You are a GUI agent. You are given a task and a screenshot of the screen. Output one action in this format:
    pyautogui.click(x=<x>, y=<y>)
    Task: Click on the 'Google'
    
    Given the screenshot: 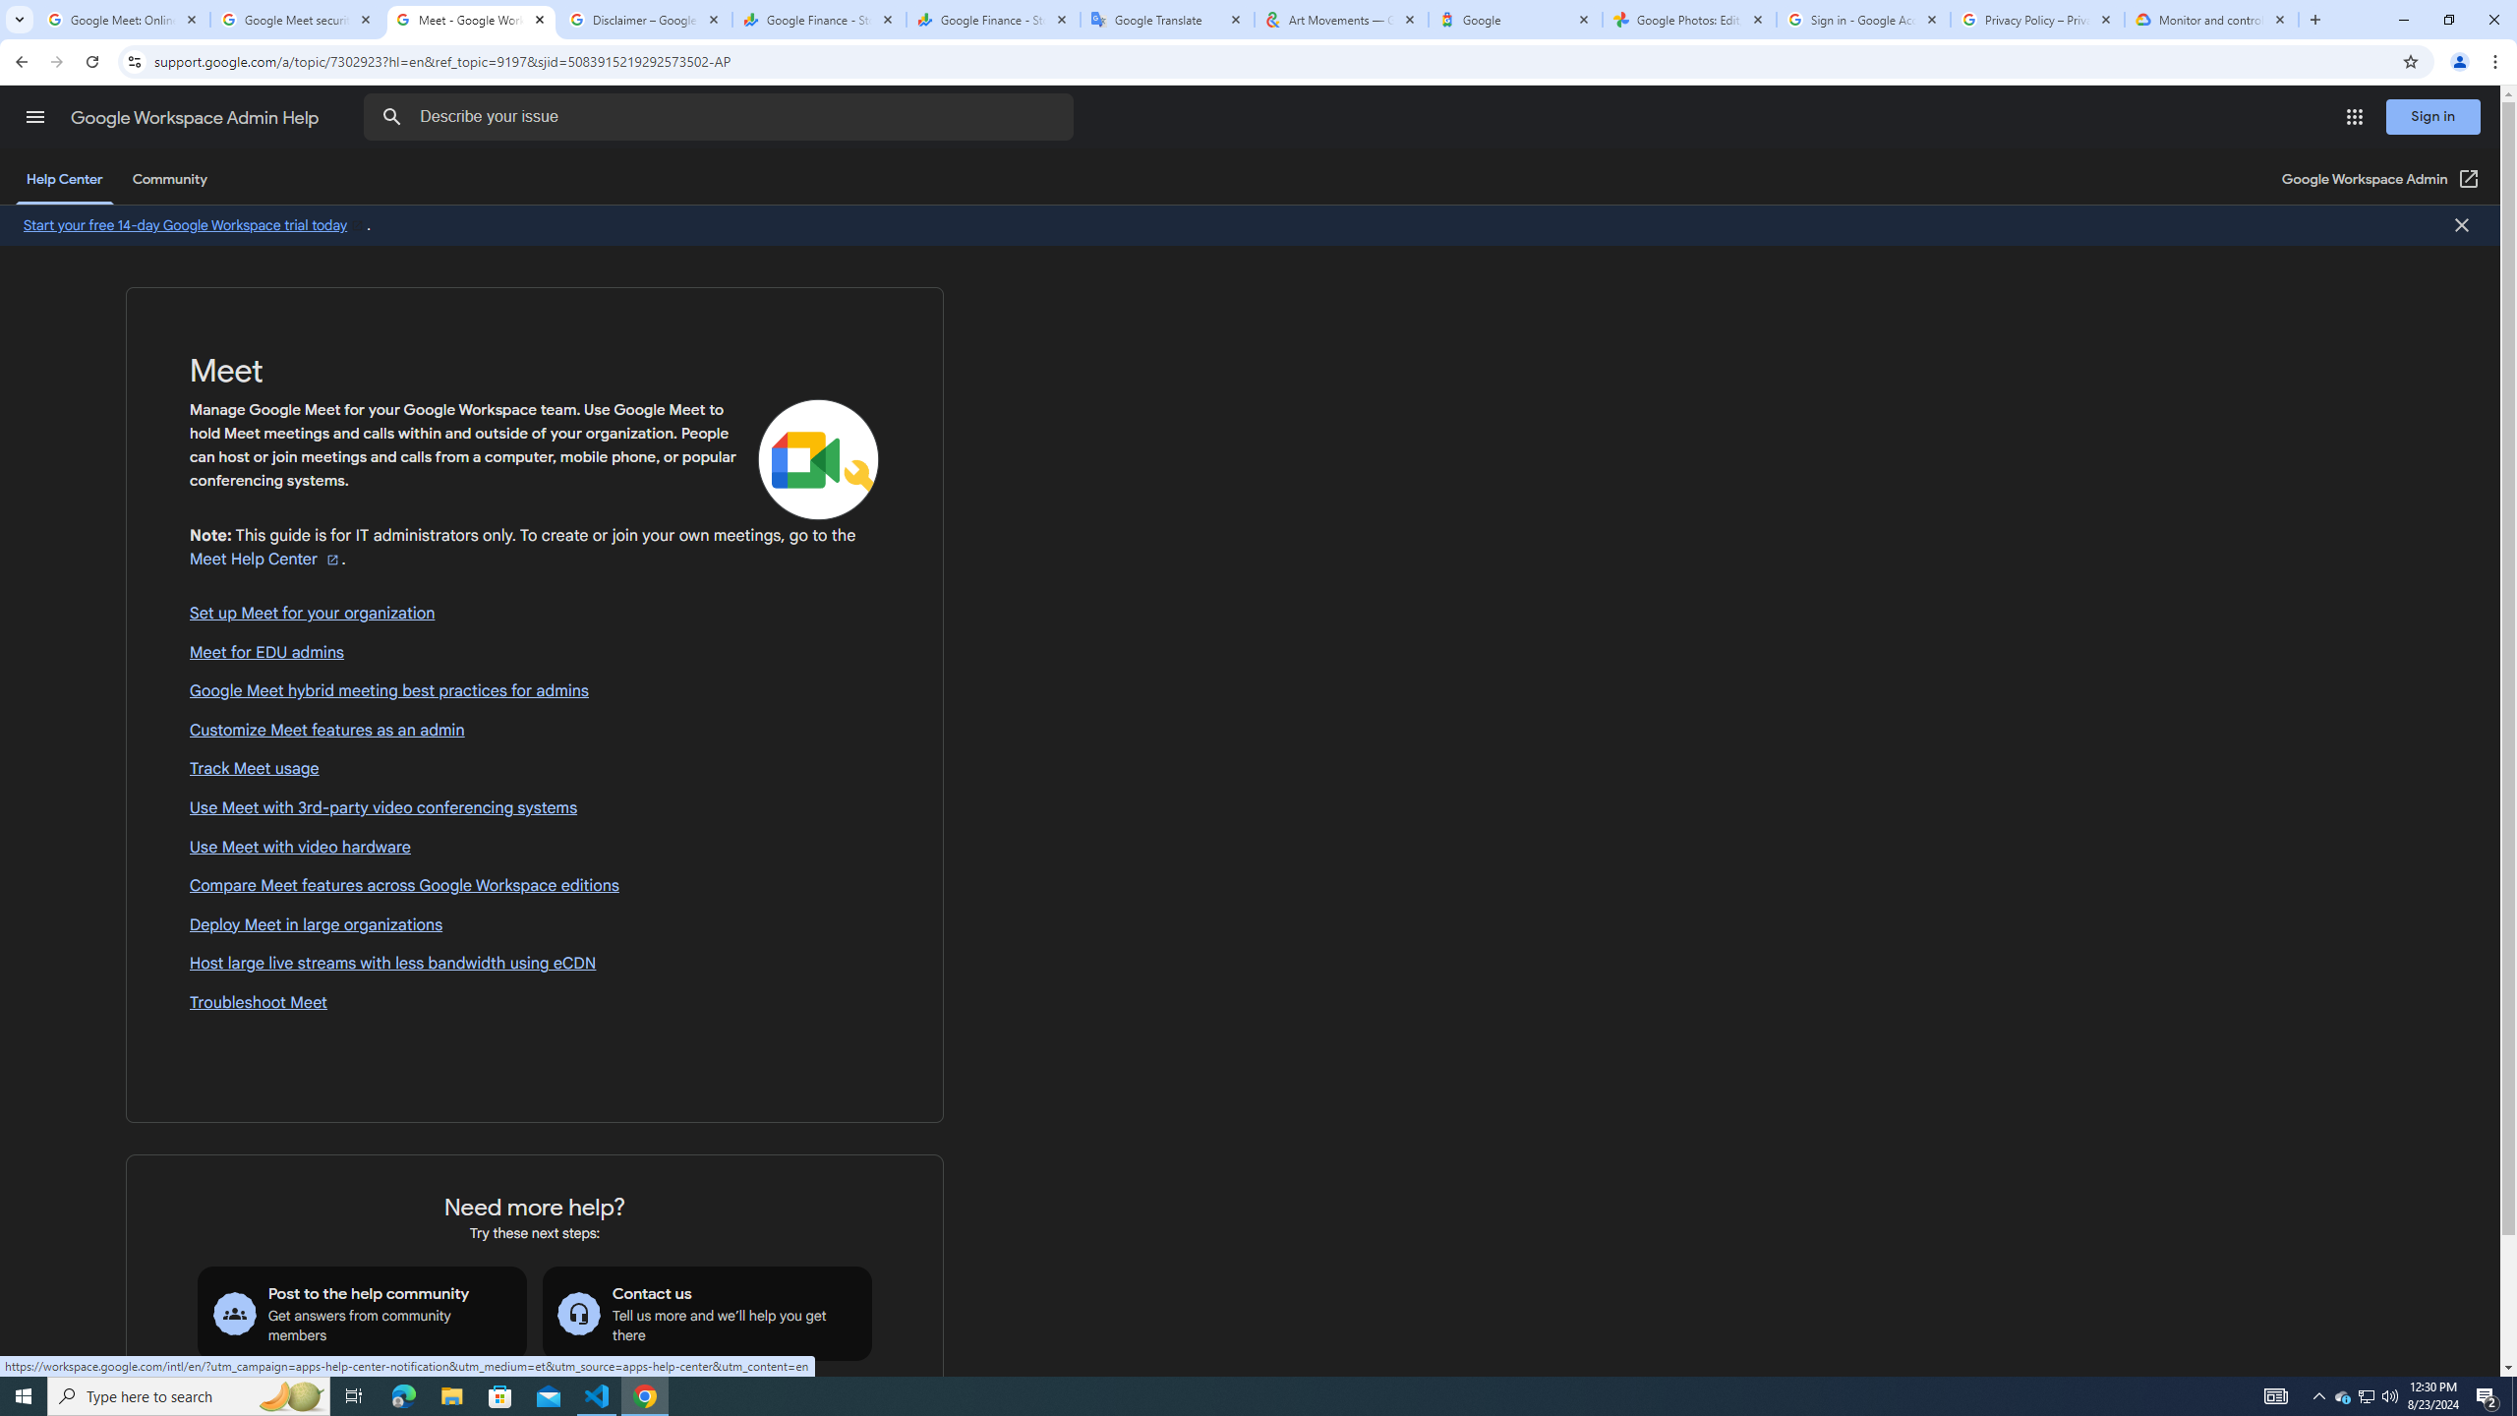 What is the action you would take?
    pyautogui.click(x=1514, y=19)
    